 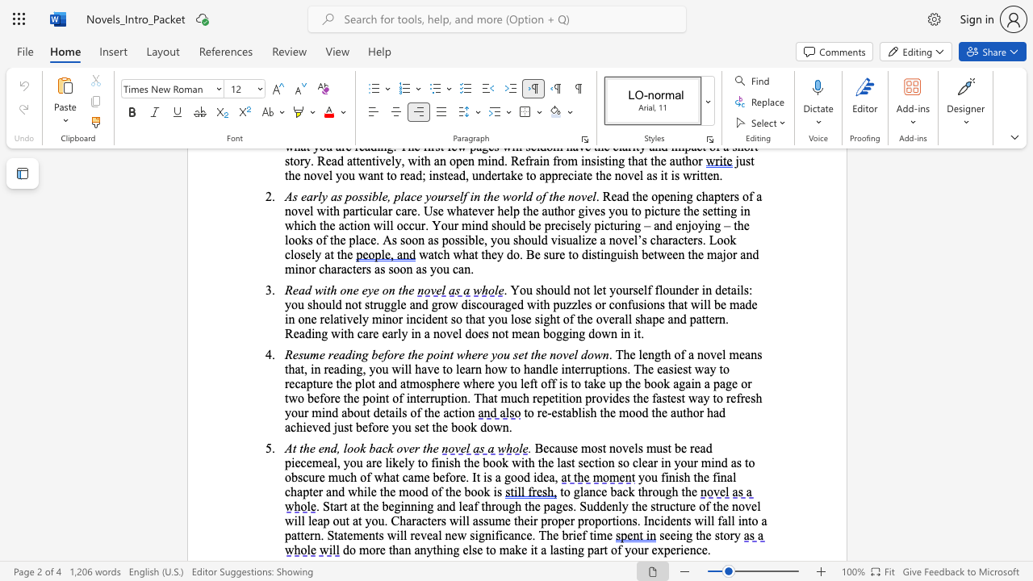 I want to click on the subset text "u f" within the text "you finish the", so click(x=651, y=476).